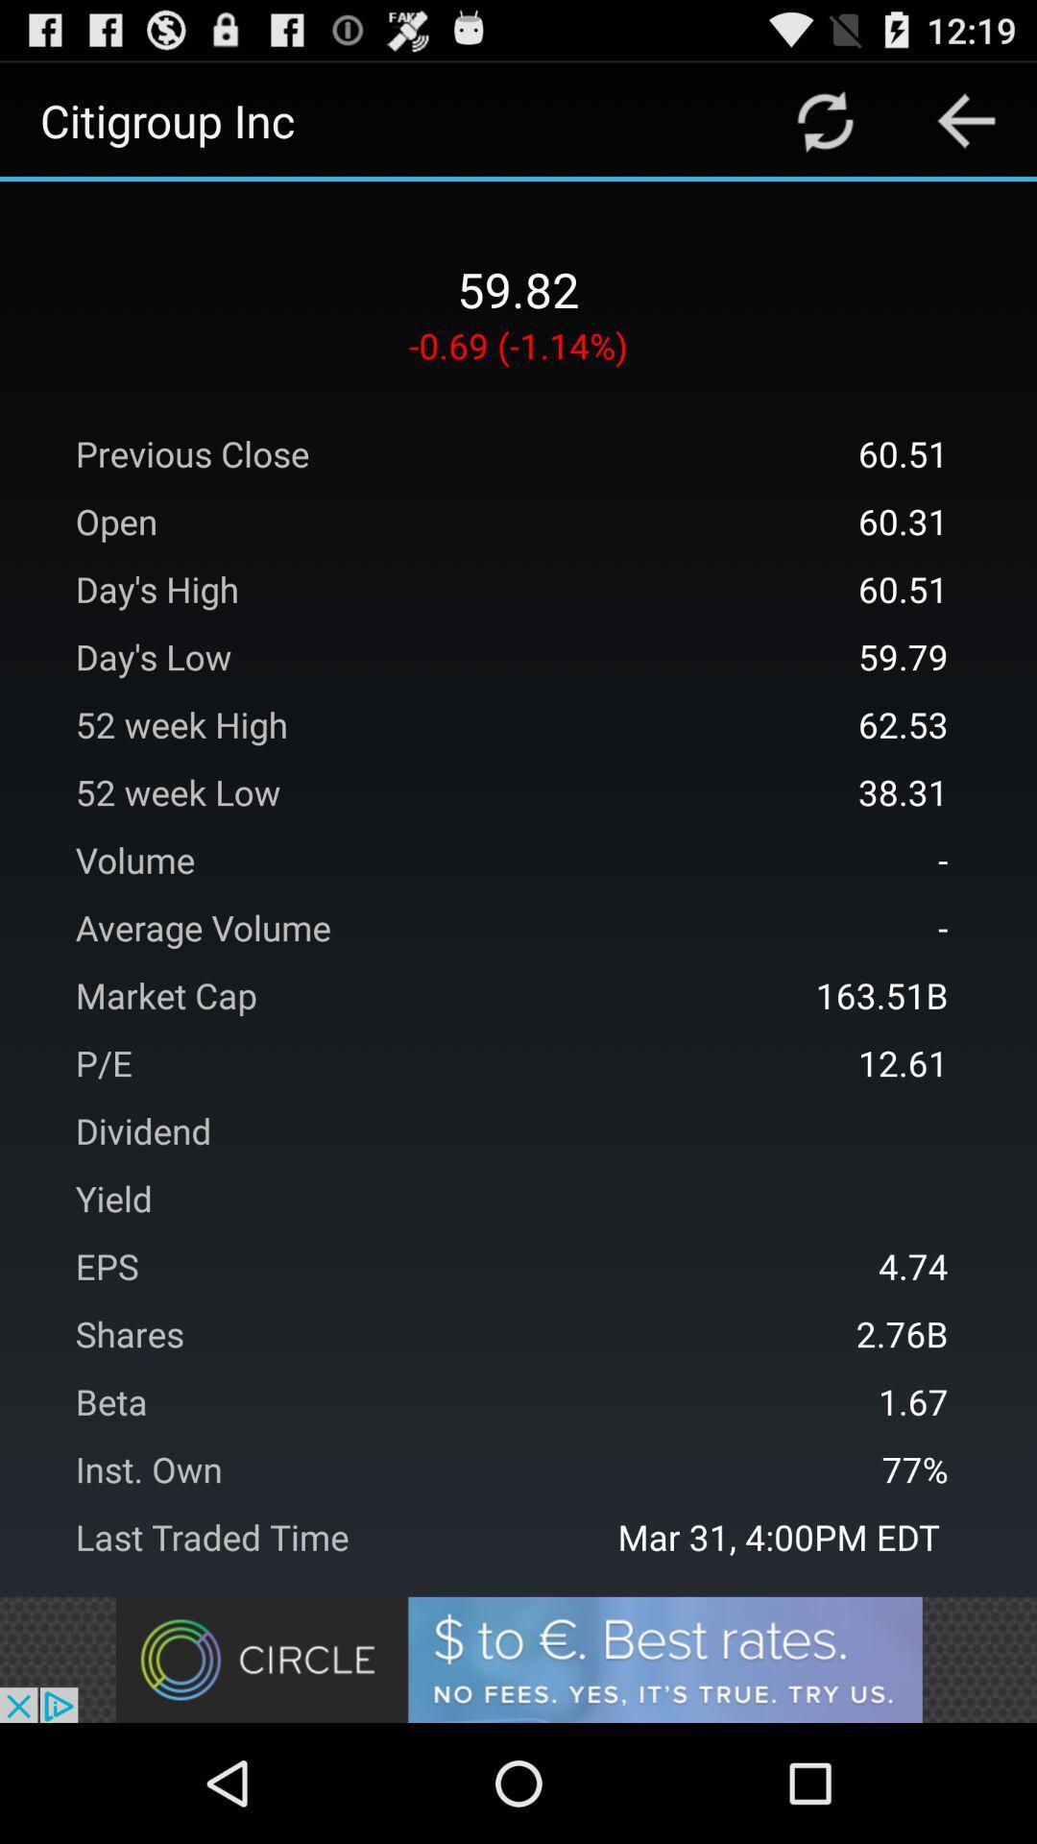 This screenshot has height=1844, width=1037. I want to click on advertisement, so click(518, 1659).